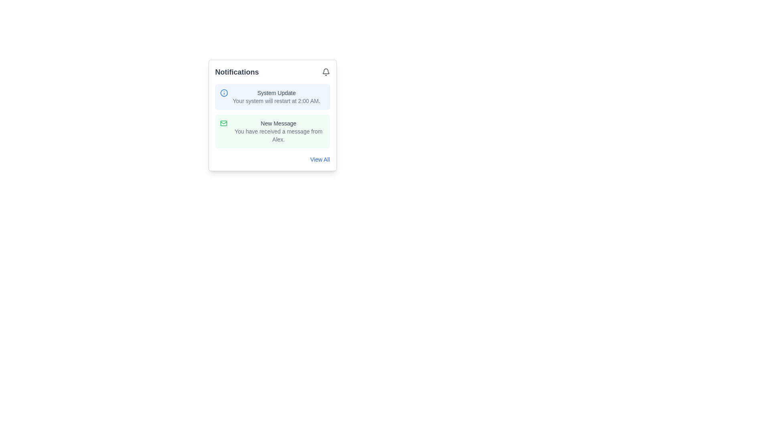 Image resolution: width=770 pixels, height=433 pixels. What do you see at coordinates (223, 123) in the screenshot?
I see `the envelope icon that signifies a new message notification within the 'New Message' notification card, located to the left of the text content` at bounding box center [223, 123].